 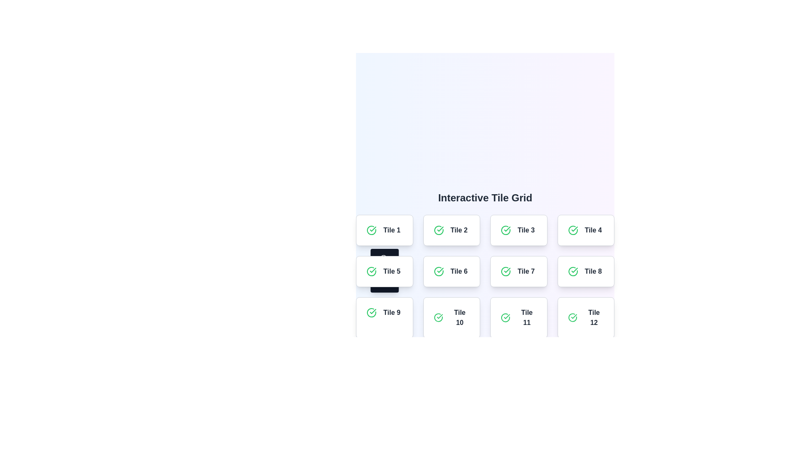 I want to click on the bold text label 'Tile 8' in the grid layout for information, so click(x=593, y=271).